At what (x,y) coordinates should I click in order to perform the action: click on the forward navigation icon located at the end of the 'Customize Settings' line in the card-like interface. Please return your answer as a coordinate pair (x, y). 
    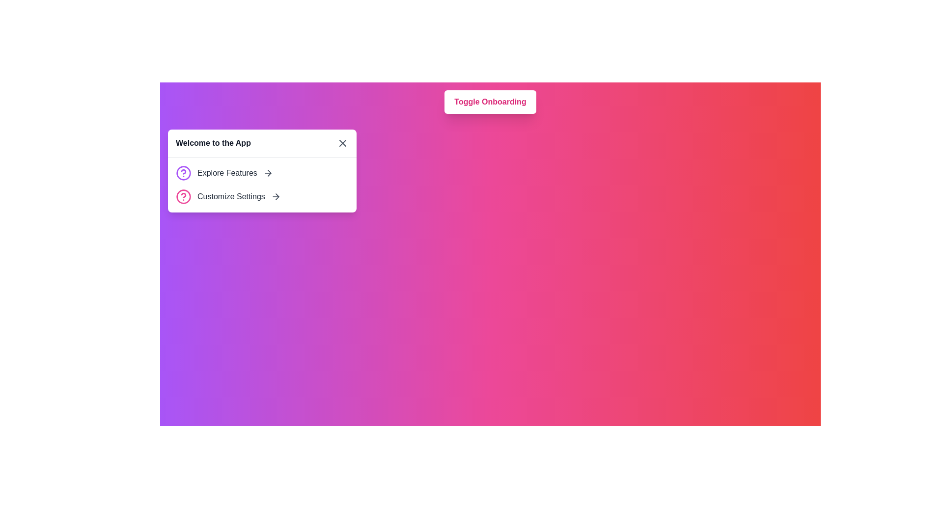
    Looking at the image, I should click on (269, 173).